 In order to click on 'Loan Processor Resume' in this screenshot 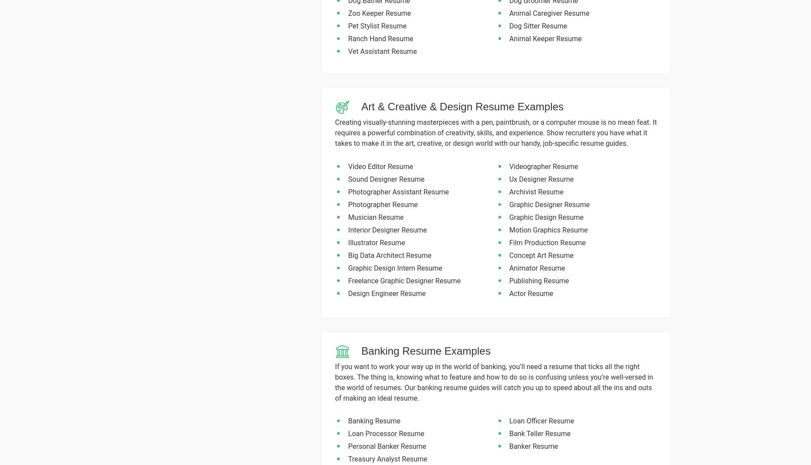, I will do `click(386, 433)`.